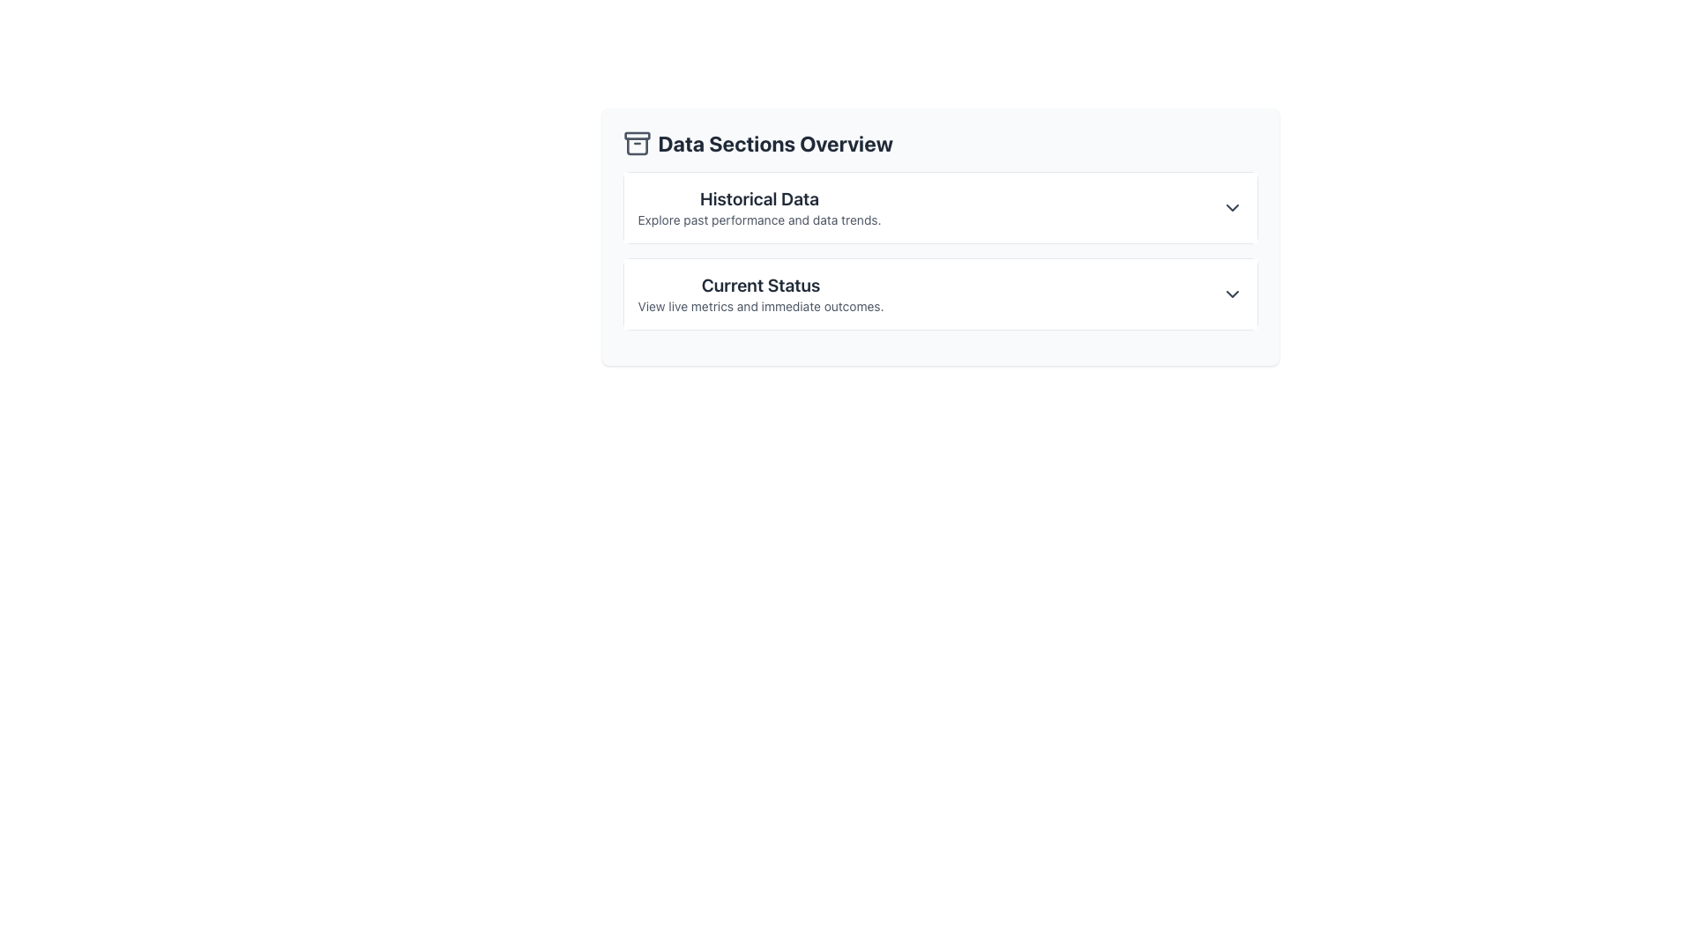 This screenshot has height=952, width=1693. Describe the element at coordinates (759, 206) in the screenshot. I see `the 'Historical Data' text block, which is a larger, bold title in dark gray` at that location.